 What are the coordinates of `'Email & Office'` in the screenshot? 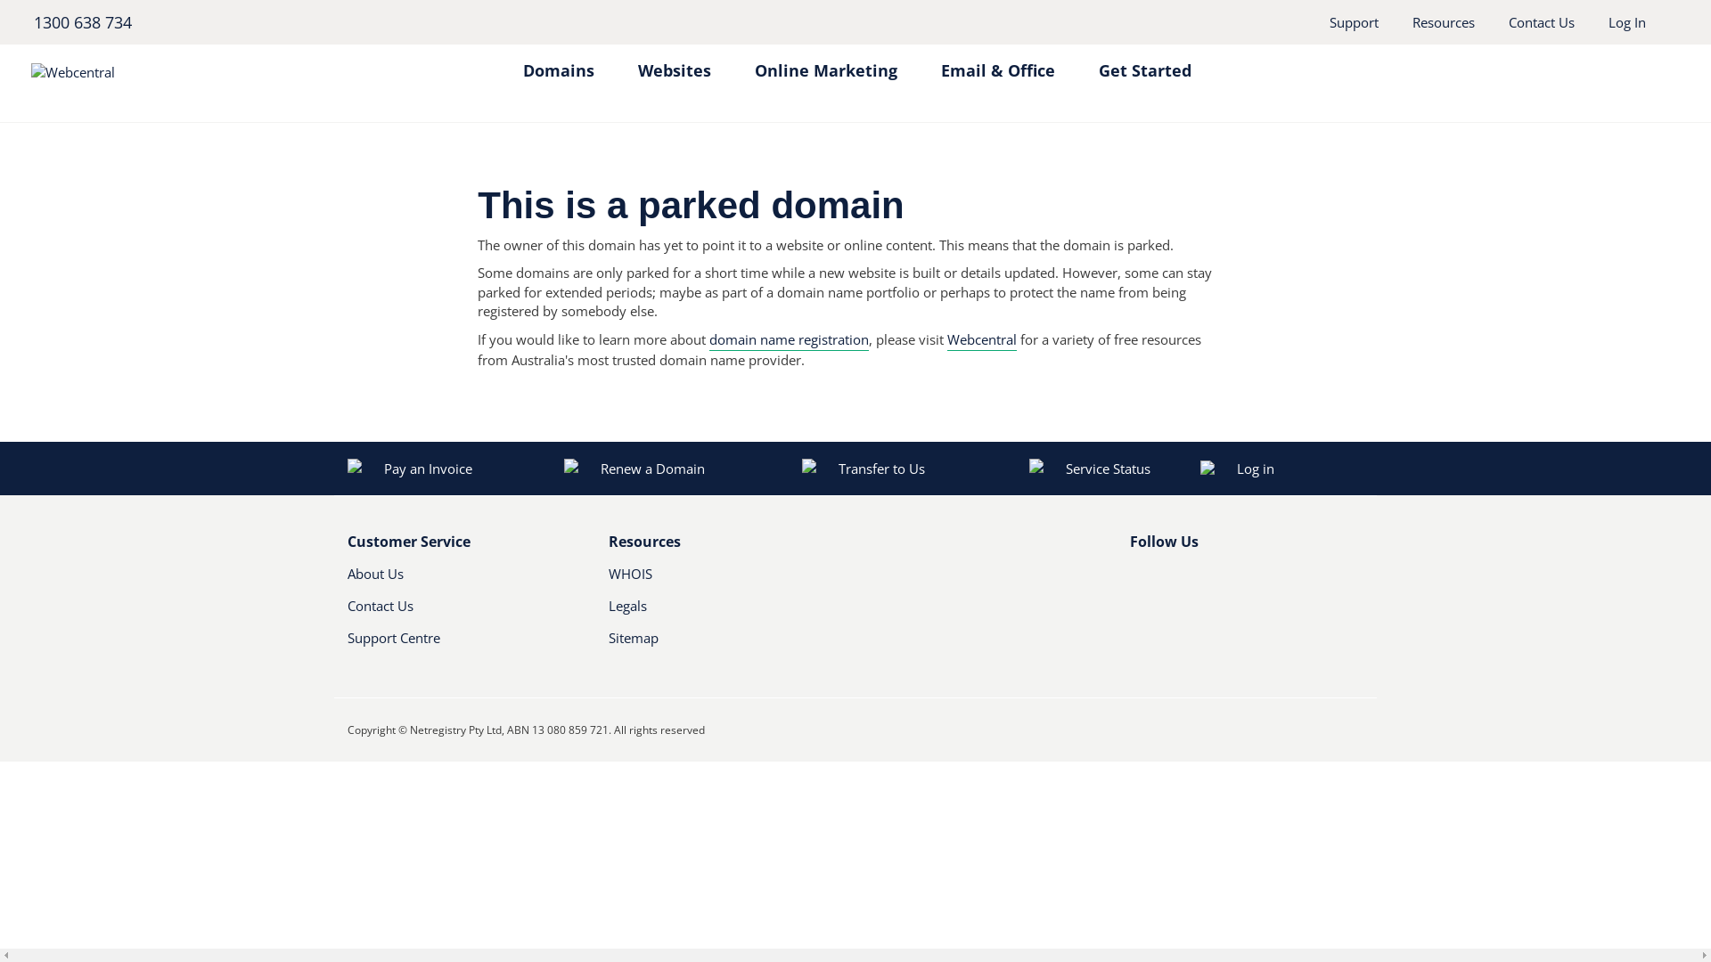 It's located at (996, 61).